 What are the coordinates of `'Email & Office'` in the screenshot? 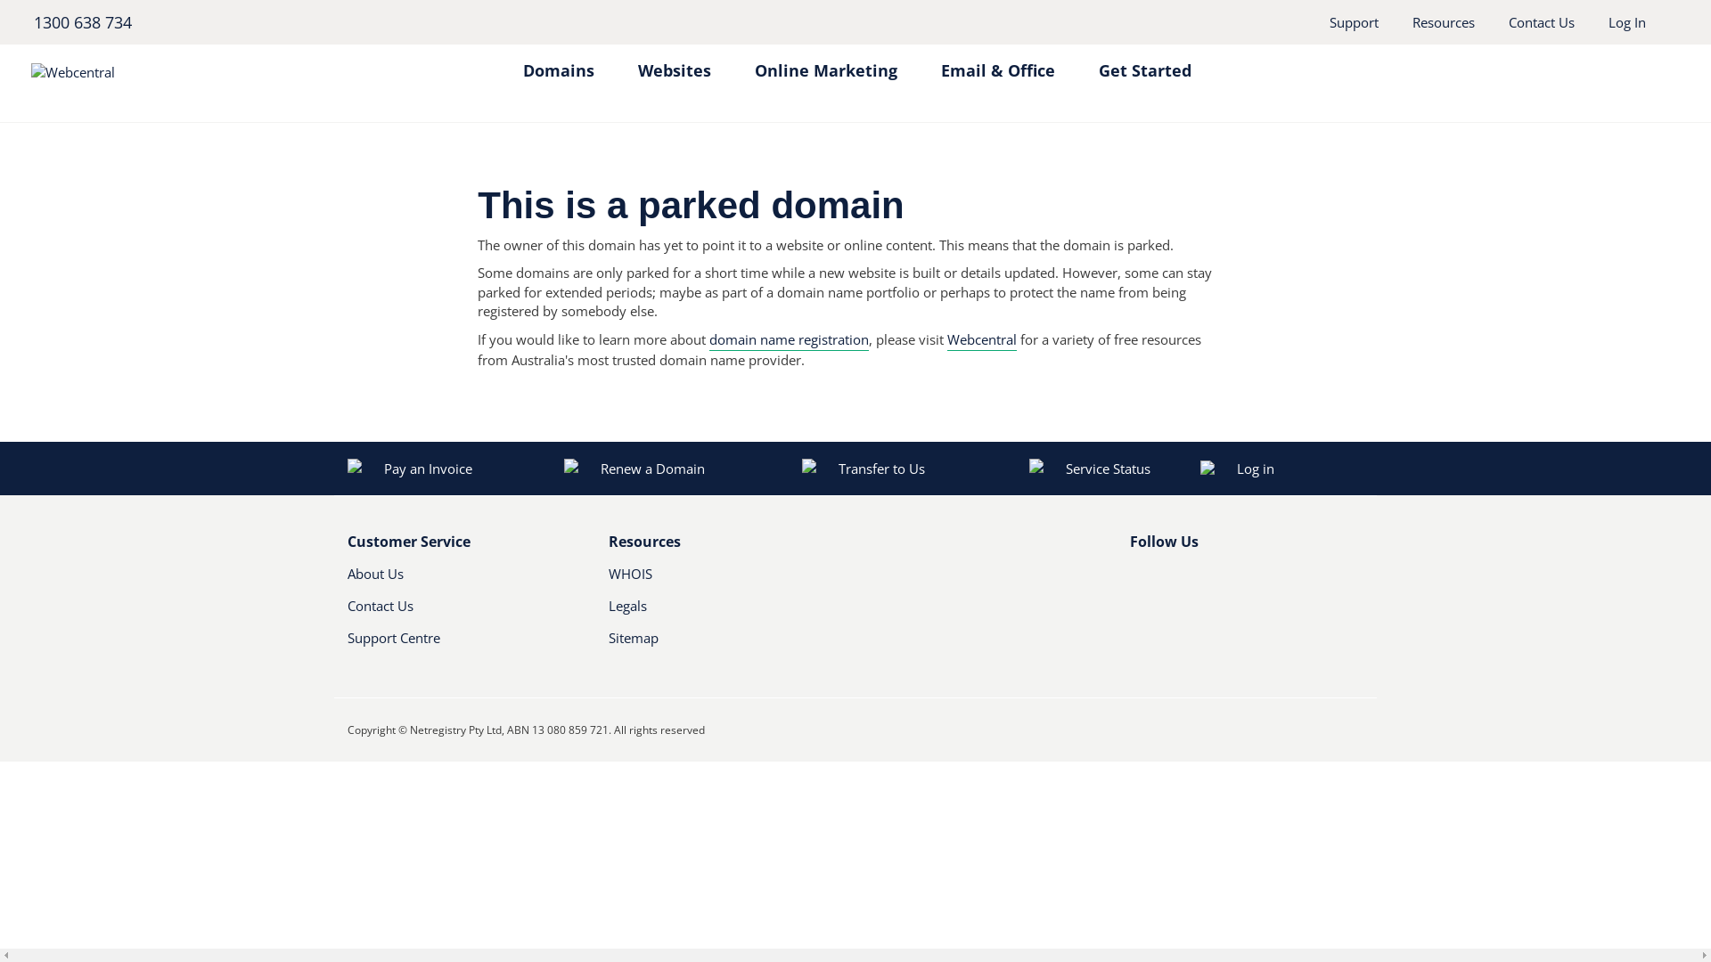 It's located at (996, 61).